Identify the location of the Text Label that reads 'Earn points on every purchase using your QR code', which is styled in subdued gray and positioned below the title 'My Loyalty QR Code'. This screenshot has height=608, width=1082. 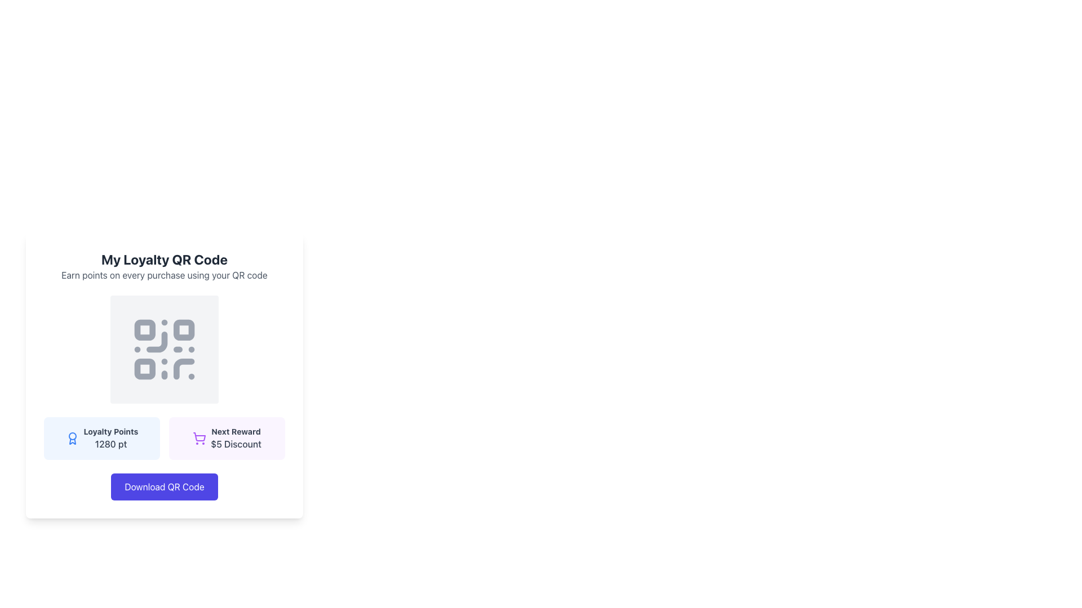
(164, 275).